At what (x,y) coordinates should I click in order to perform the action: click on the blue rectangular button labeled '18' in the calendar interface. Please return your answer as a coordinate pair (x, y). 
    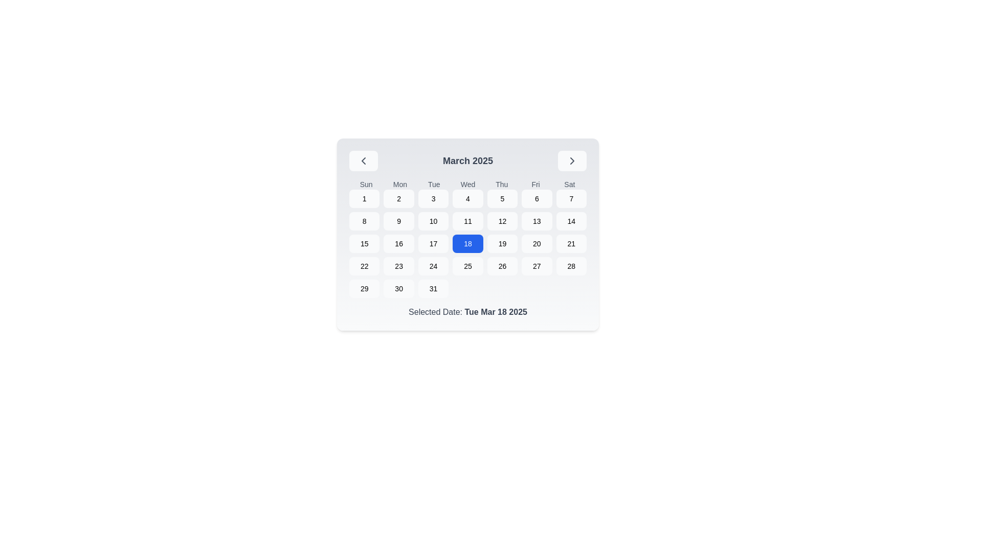
    Looking at the image, I should click on (467, 244).